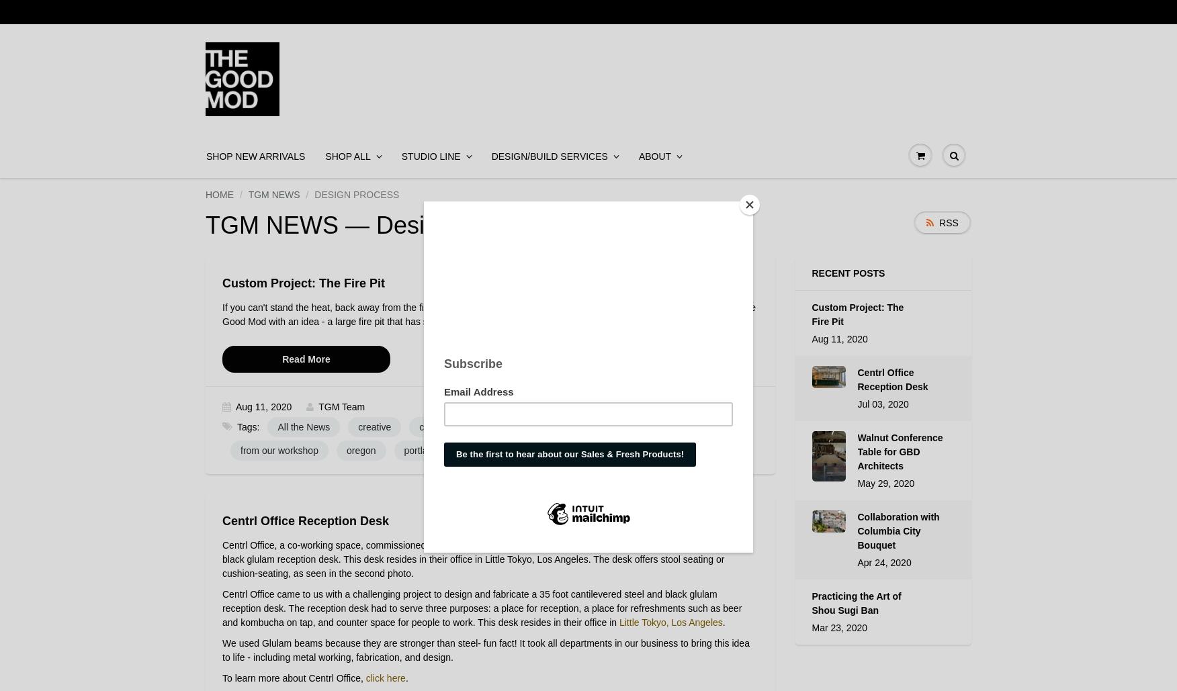 The width and height of the screenshot is (1177, 691). I want to click on 'RSS', so click(938, 222).